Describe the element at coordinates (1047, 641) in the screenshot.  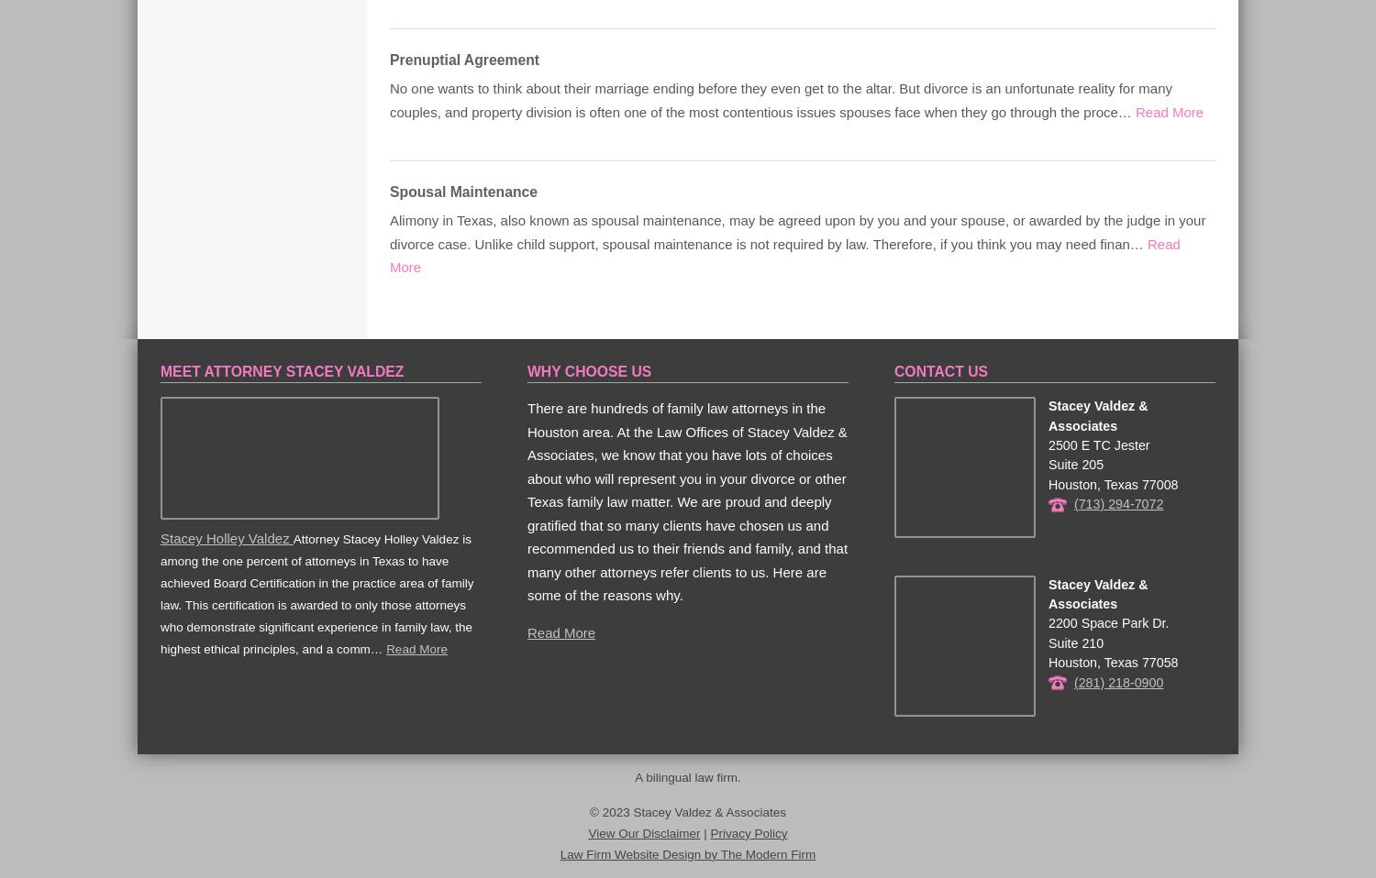
I see `'Suite 210'` at that location.